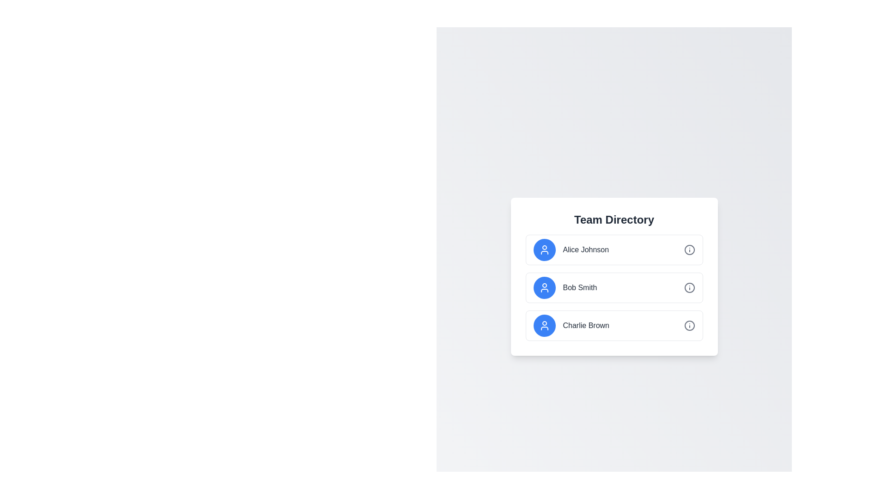 The width and height of the screenshot is (887, 499). What do you see at coordinates (614, 287) in the screenshot?
I see `the List item displaying team member information for 'Bob Smith' located in the 'Team Directory' panel, which is the second item in the vertical list` at bounding box center [614, 287].